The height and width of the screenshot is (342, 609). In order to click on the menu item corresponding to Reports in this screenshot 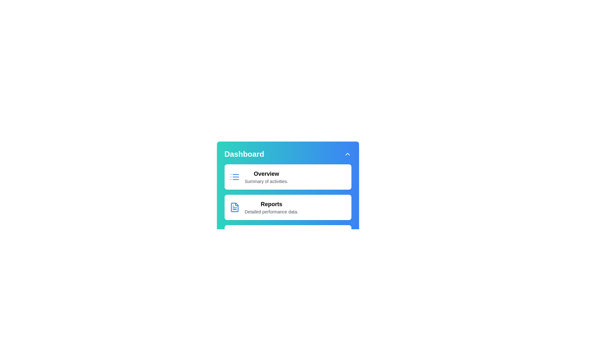, I will do `click(287, 207)`.